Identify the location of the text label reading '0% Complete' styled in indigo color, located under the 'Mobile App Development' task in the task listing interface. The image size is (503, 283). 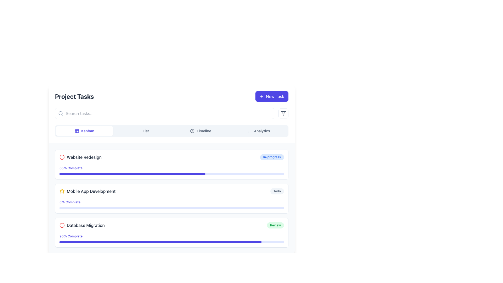
(70, 202).